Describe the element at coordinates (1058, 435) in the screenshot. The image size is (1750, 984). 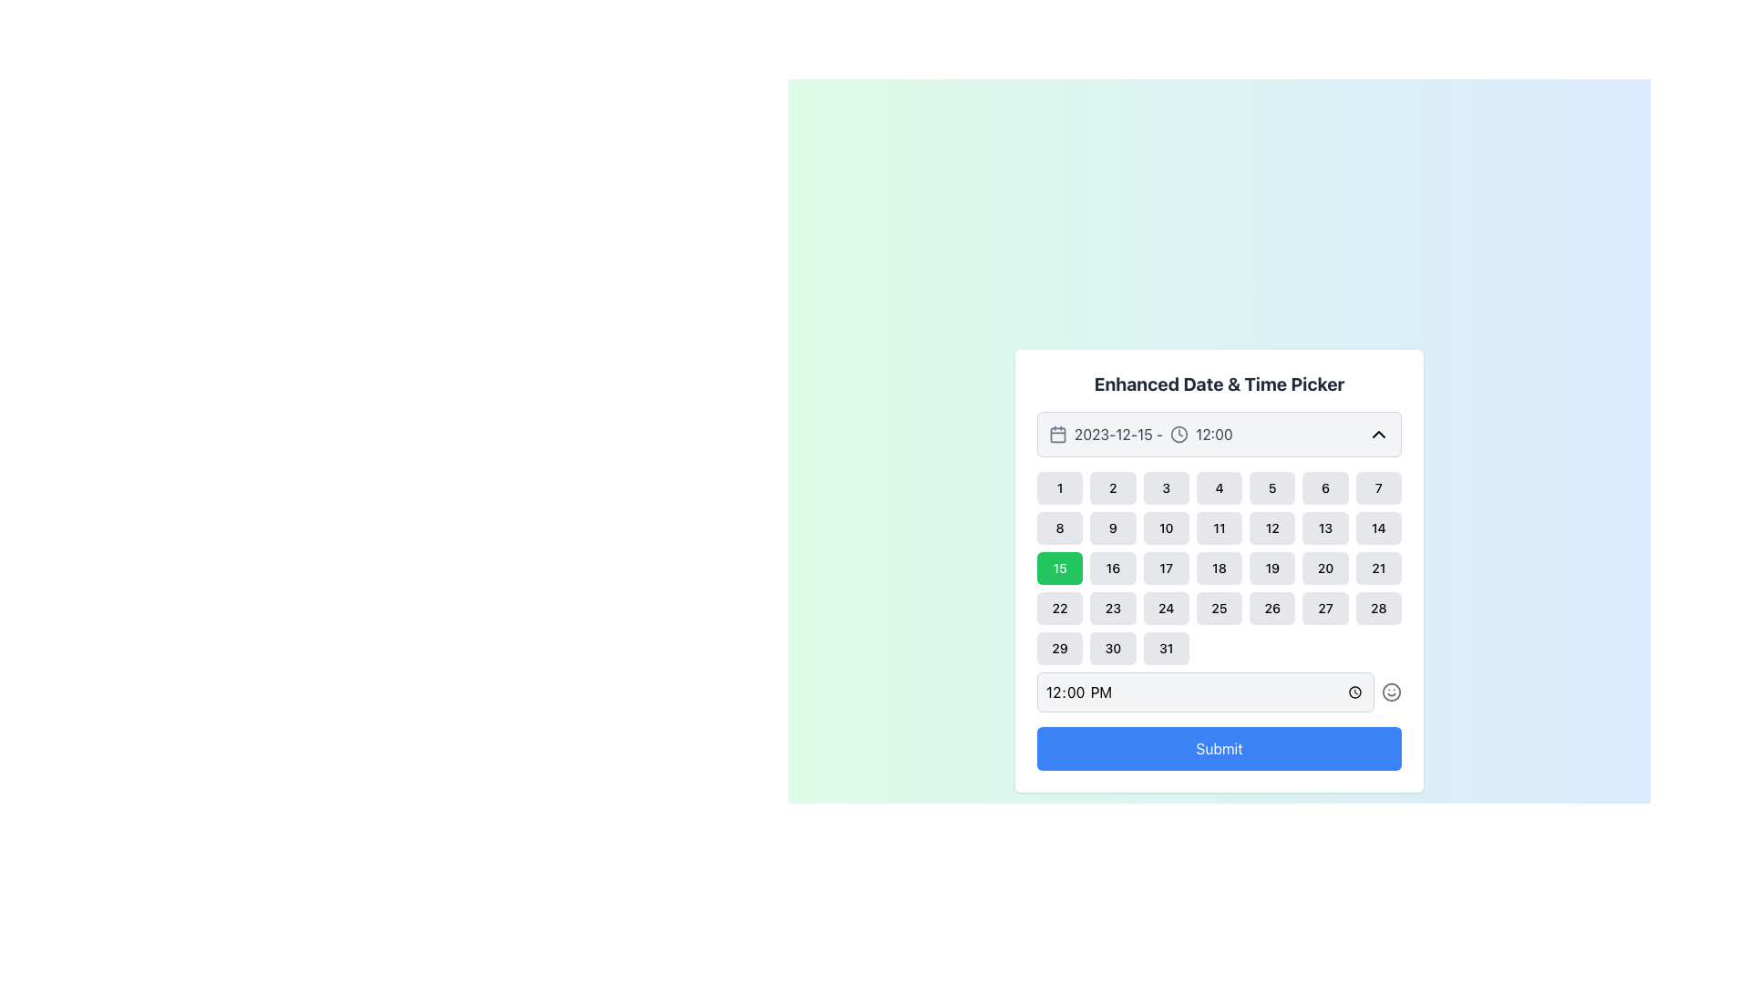
I see `the calendar icon located in the top-left corner of the date-time picker interface` at that location.